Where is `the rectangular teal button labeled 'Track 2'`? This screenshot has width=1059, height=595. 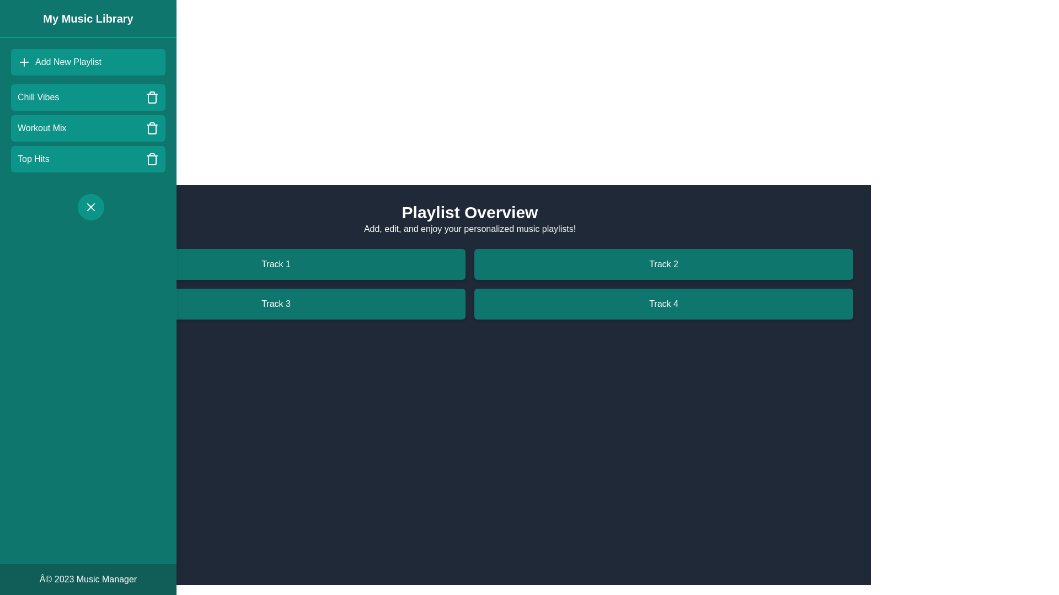 the rectangular teal button labeled 'Track 2' is located at coordinates (663, 264).